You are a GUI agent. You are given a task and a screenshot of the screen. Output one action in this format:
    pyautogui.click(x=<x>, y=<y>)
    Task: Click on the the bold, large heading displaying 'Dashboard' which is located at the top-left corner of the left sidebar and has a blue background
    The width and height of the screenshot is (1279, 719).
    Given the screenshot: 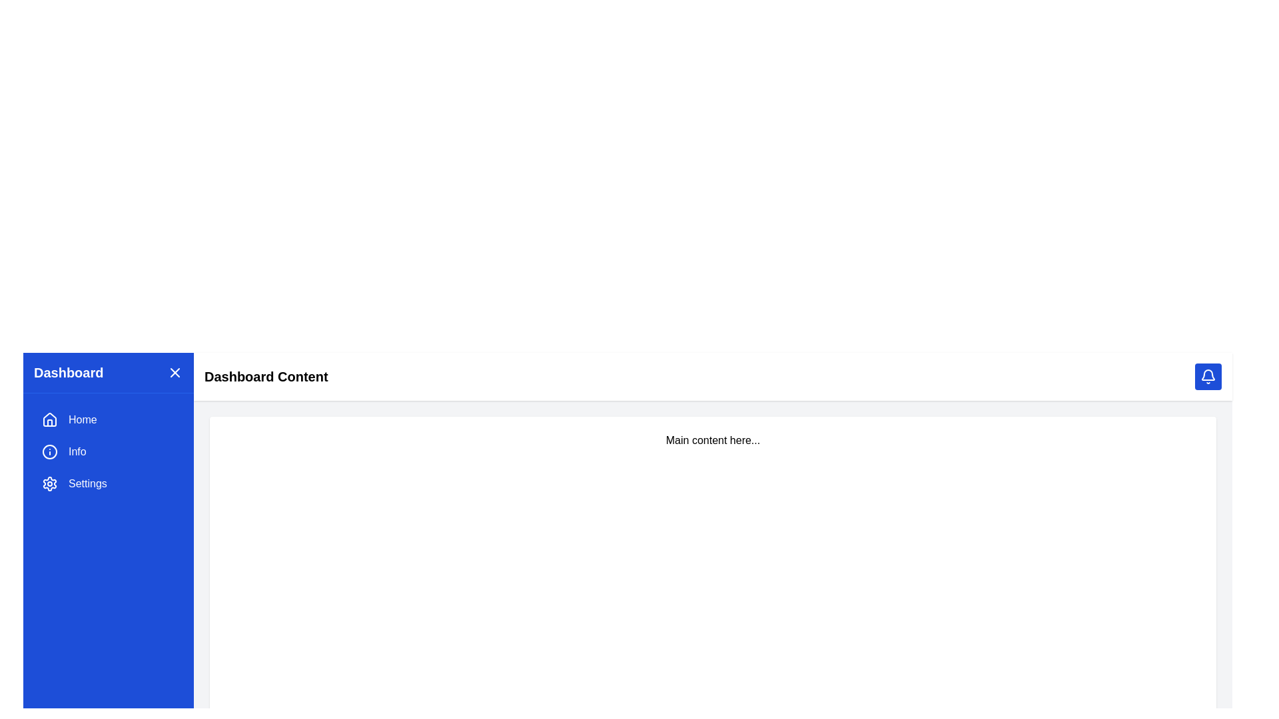 What is the action you would take?
    pyautogui.click(x=68, y=372)
    